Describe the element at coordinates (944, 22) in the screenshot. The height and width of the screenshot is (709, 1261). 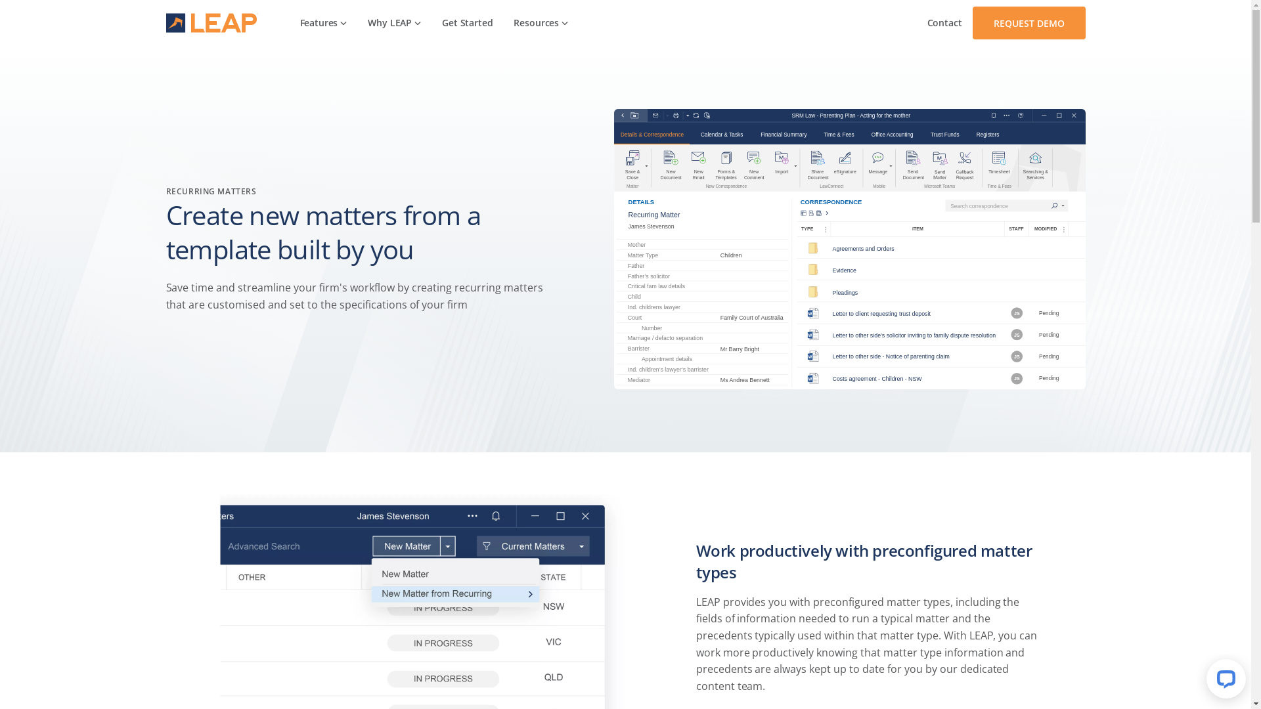
I see `'Contact'` at that location.